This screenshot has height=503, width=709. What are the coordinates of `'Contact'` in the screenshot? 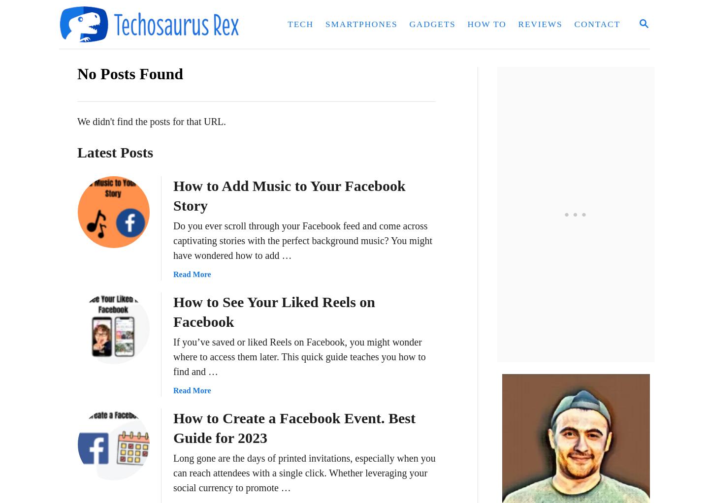 It's located at (597, 24).